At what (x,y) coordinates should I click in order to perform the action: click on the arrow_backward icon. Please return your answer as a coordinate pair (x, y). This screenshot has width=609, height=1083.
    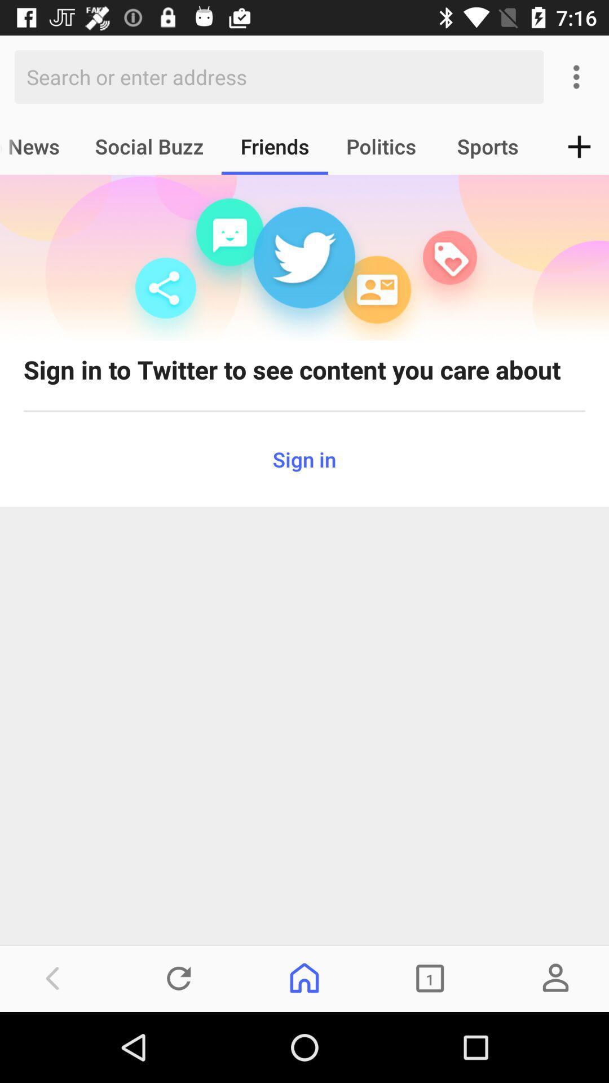
    Looking at the image, I should click on (53, 978).